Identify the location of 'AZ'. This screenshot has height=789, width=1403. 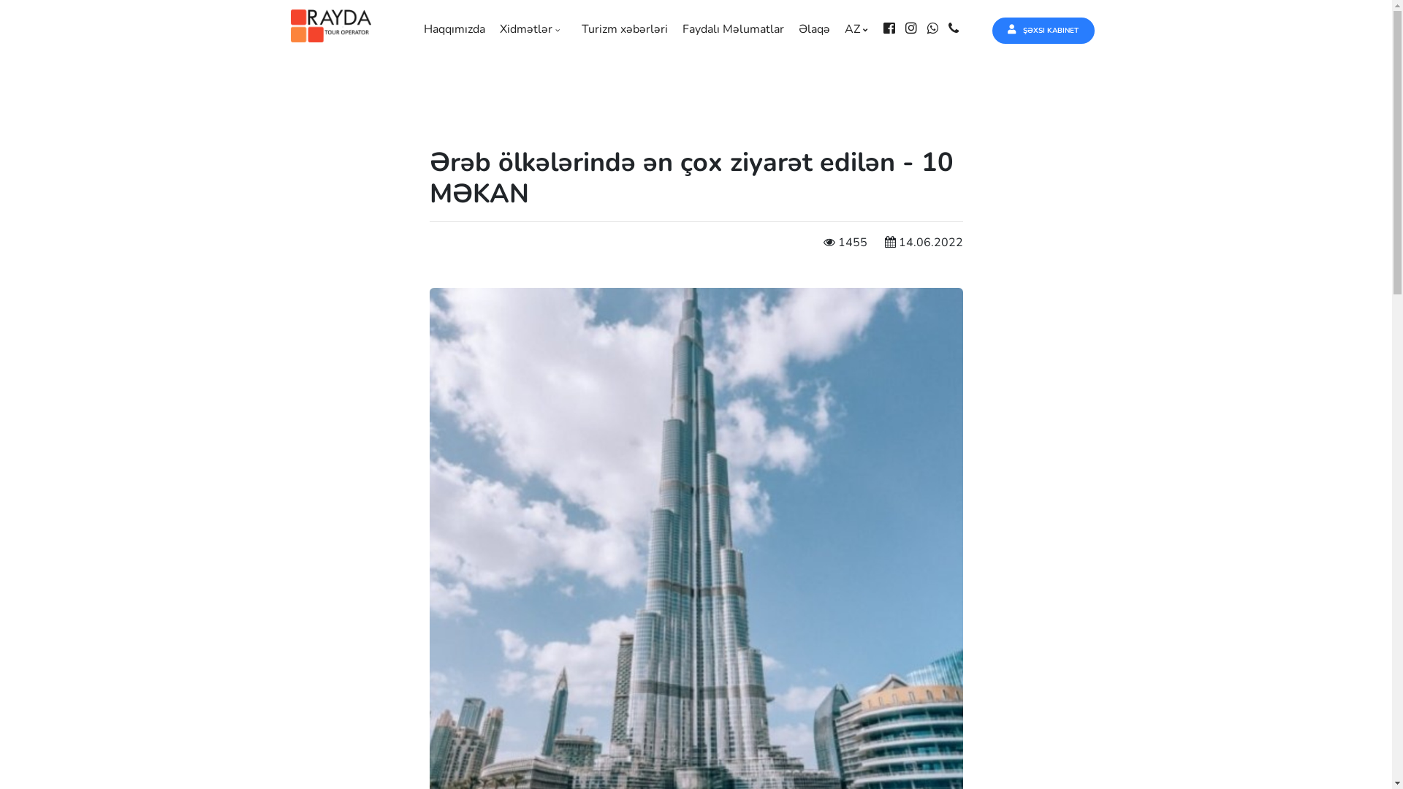
(859, 29).